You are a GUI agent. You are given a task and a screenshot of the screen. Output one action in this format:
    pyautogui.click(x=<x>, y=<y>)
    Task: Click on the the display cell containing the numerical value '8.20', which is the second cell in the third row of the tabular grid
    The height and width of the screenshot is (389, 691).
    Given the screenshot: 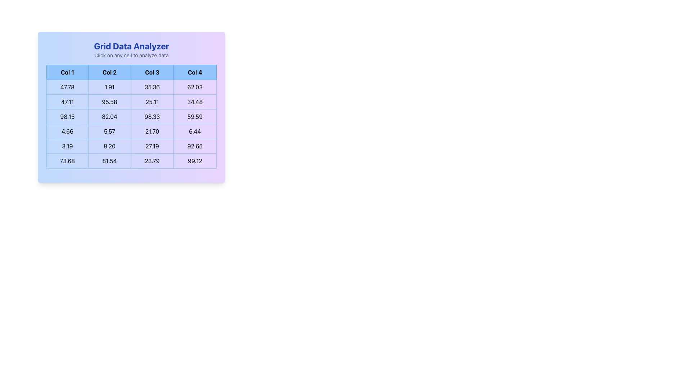 What is the action you would take?
    pyautogui.click(x=109, y=146)
    